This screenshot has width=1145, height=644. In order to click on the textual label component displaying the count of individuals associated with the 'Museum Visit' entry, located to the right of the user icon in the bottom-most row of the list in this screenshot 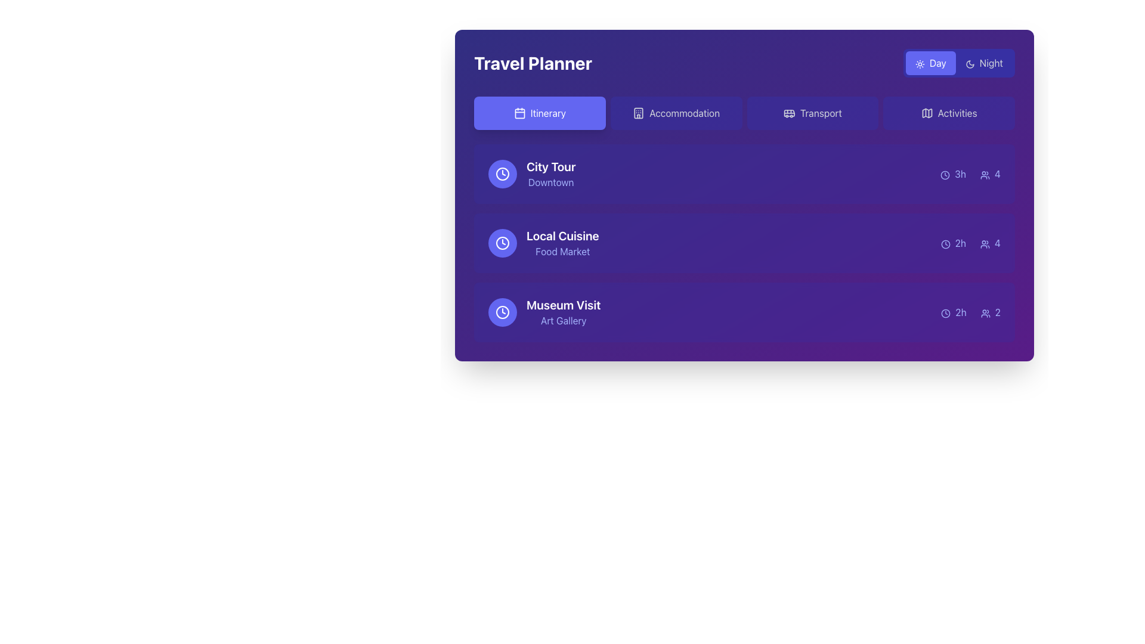, I will do `click(991, 312)`.